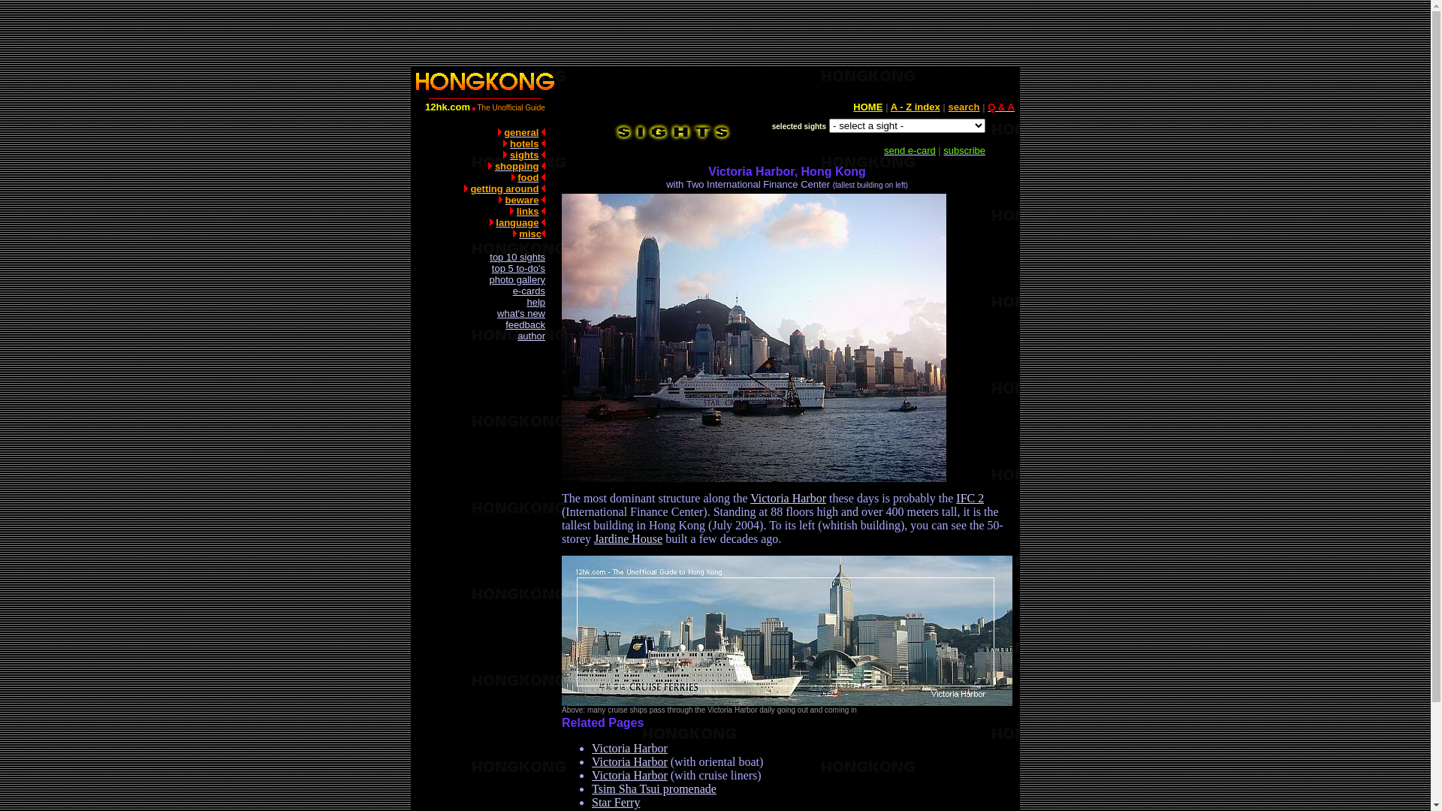 This screenshot has height=811, width=1442. Describe the element at coordinates (512, 291) in the screenshot. I see `'e-cards'` at that location.